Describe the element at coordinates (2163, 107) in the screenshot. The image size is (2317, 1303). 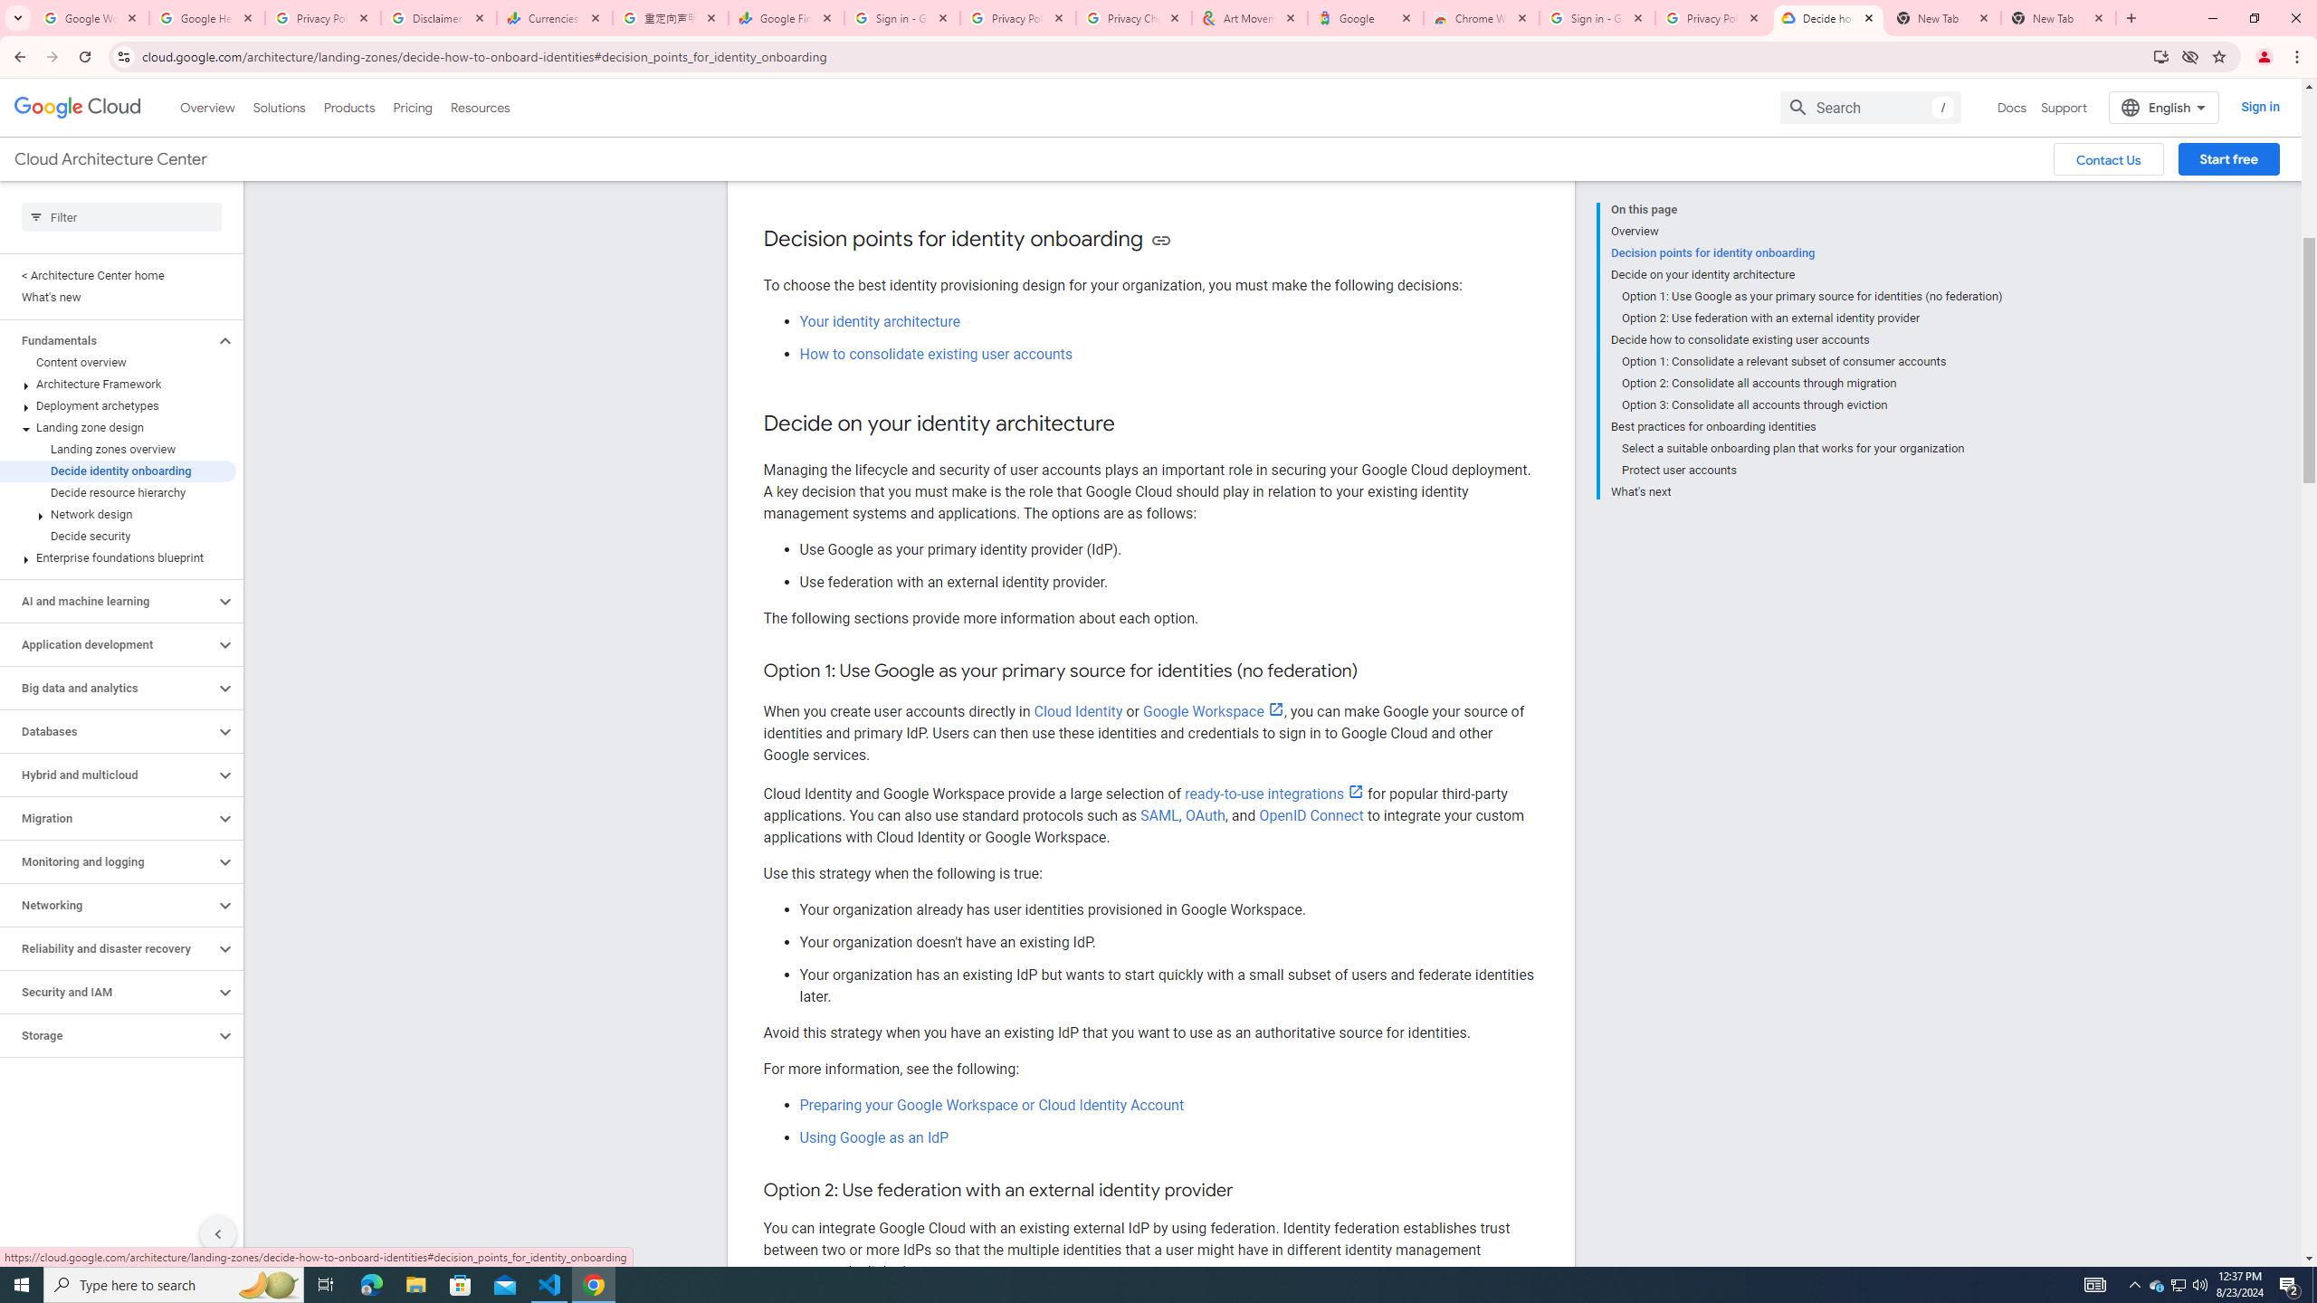
I see `'English'` at that location.